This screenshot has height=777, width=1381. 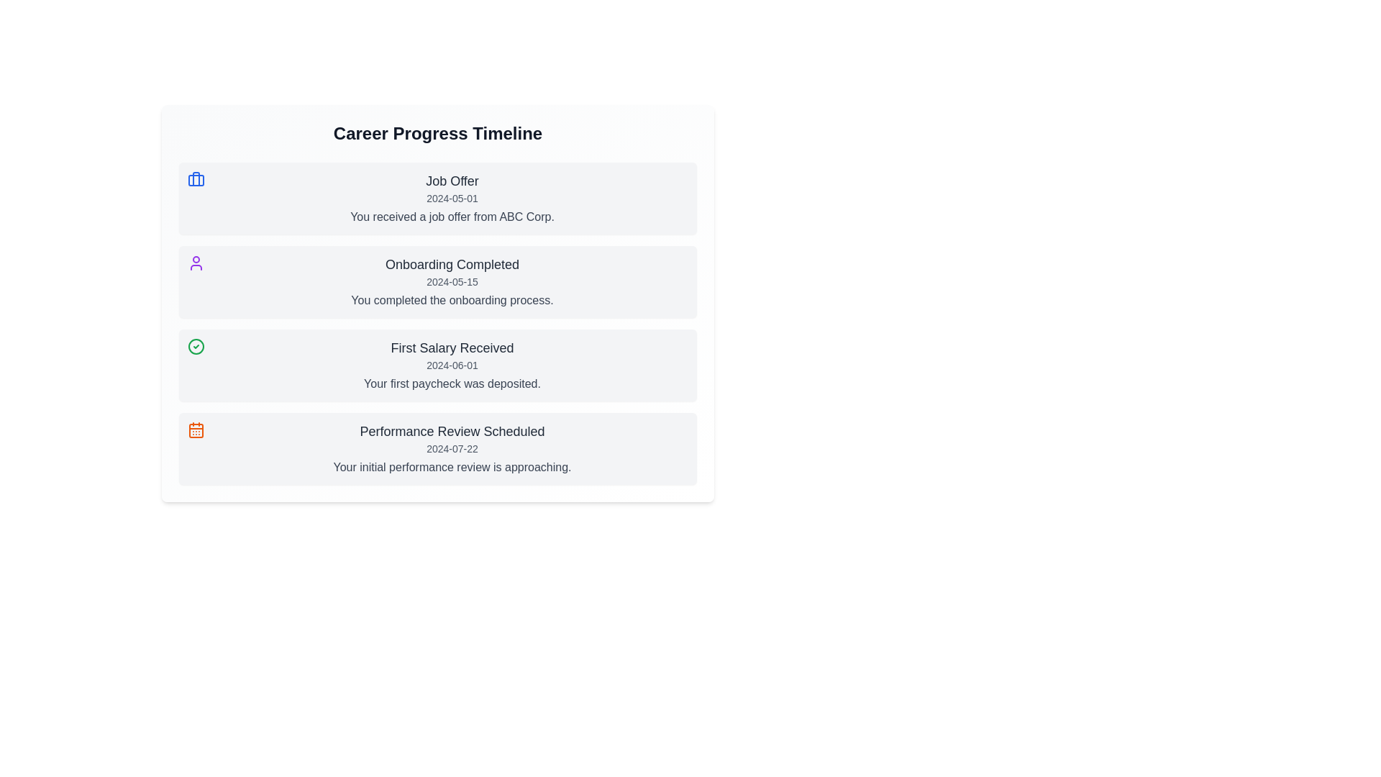 What do you see at coordinates (451, 448) in the screenshot?
I see `the text label displaying the date '2024-07-22', which is part of the 'Career Progress Timeline' interface, located below the heading 'Performance Review Scheduled'` at bounding box center [451, 448].